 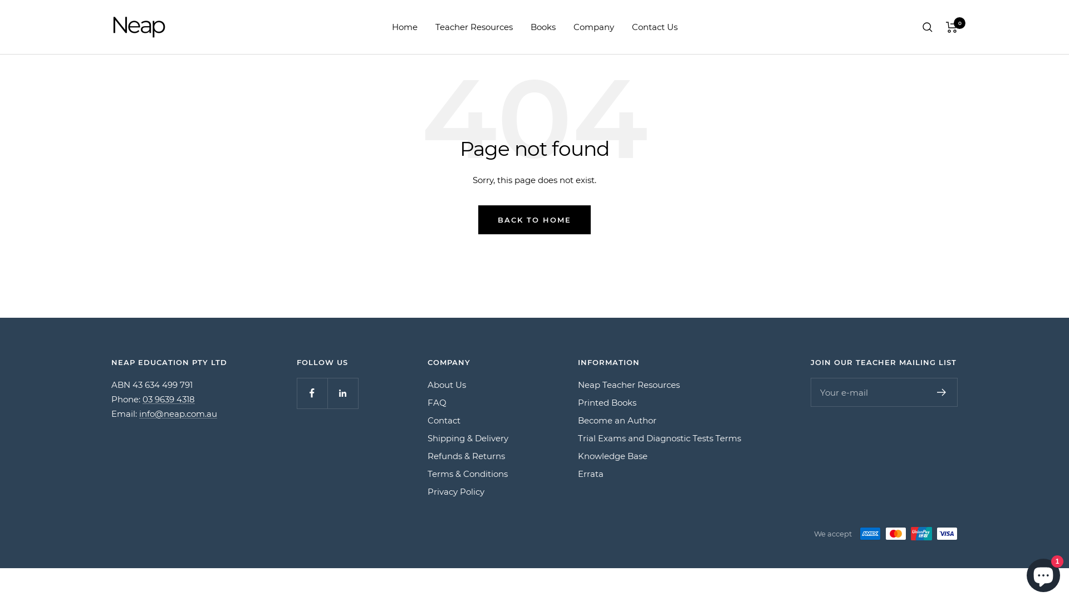 I want to click on 'Register', so click(x=941, y=392).